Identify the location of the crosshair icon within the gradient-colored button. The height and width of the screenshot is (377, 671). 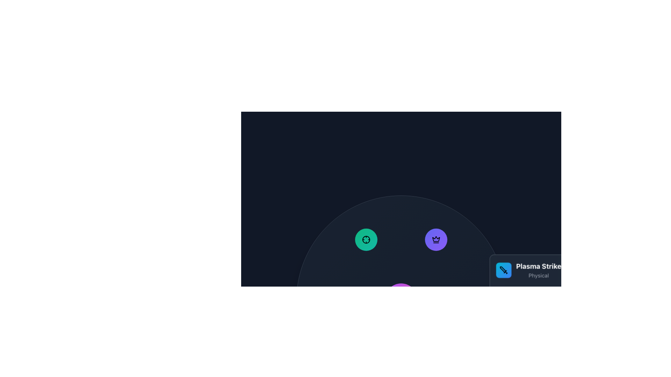
(366, 239).